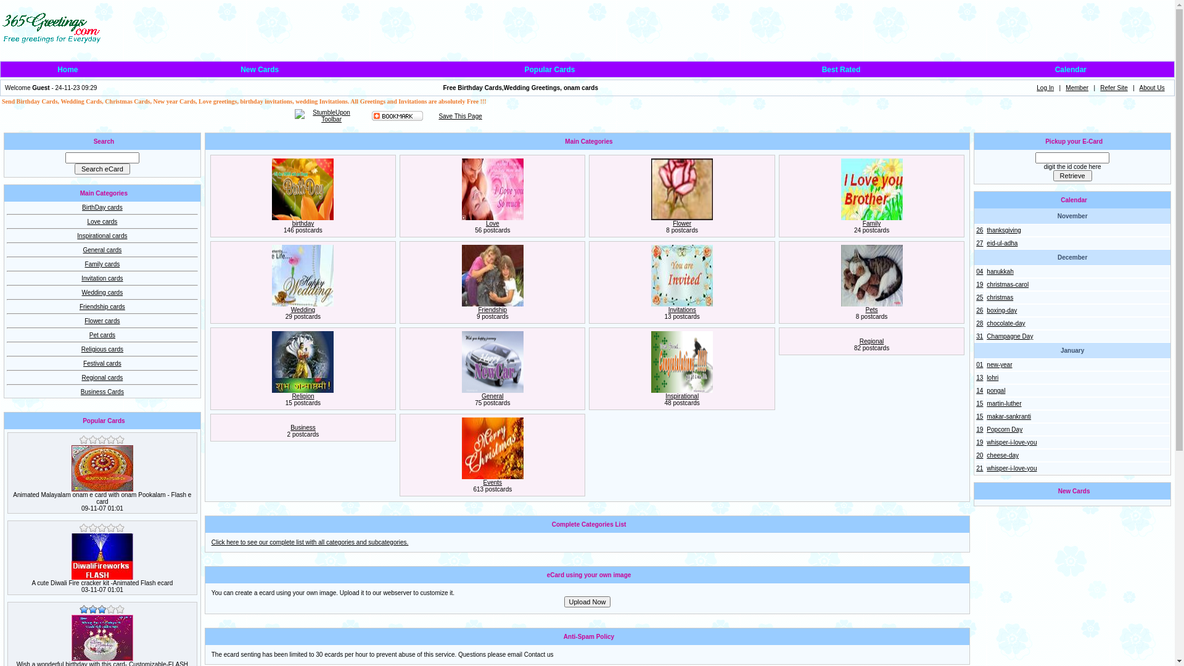 Image resolution: width=1184 pixels, height=666 pixels. Describe the element at coordinates (979, 297) in the screenshot. I see `'25'` at that location.